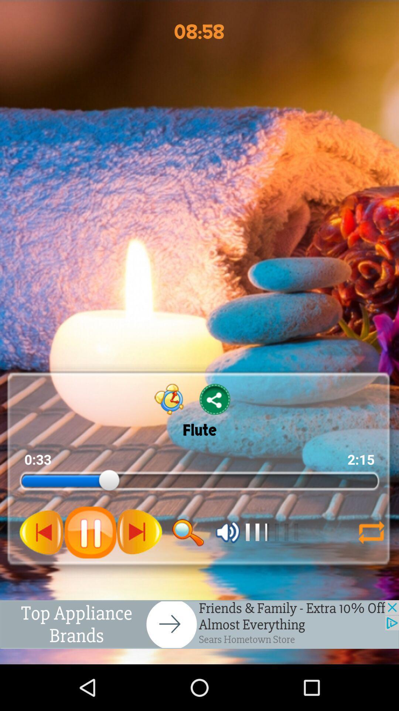 The height and width of the screenshot is (711, 399). What do you see at coordinates (215, 399) in the screenshot?
I see `tap to share` at bounding box center [215, 399].